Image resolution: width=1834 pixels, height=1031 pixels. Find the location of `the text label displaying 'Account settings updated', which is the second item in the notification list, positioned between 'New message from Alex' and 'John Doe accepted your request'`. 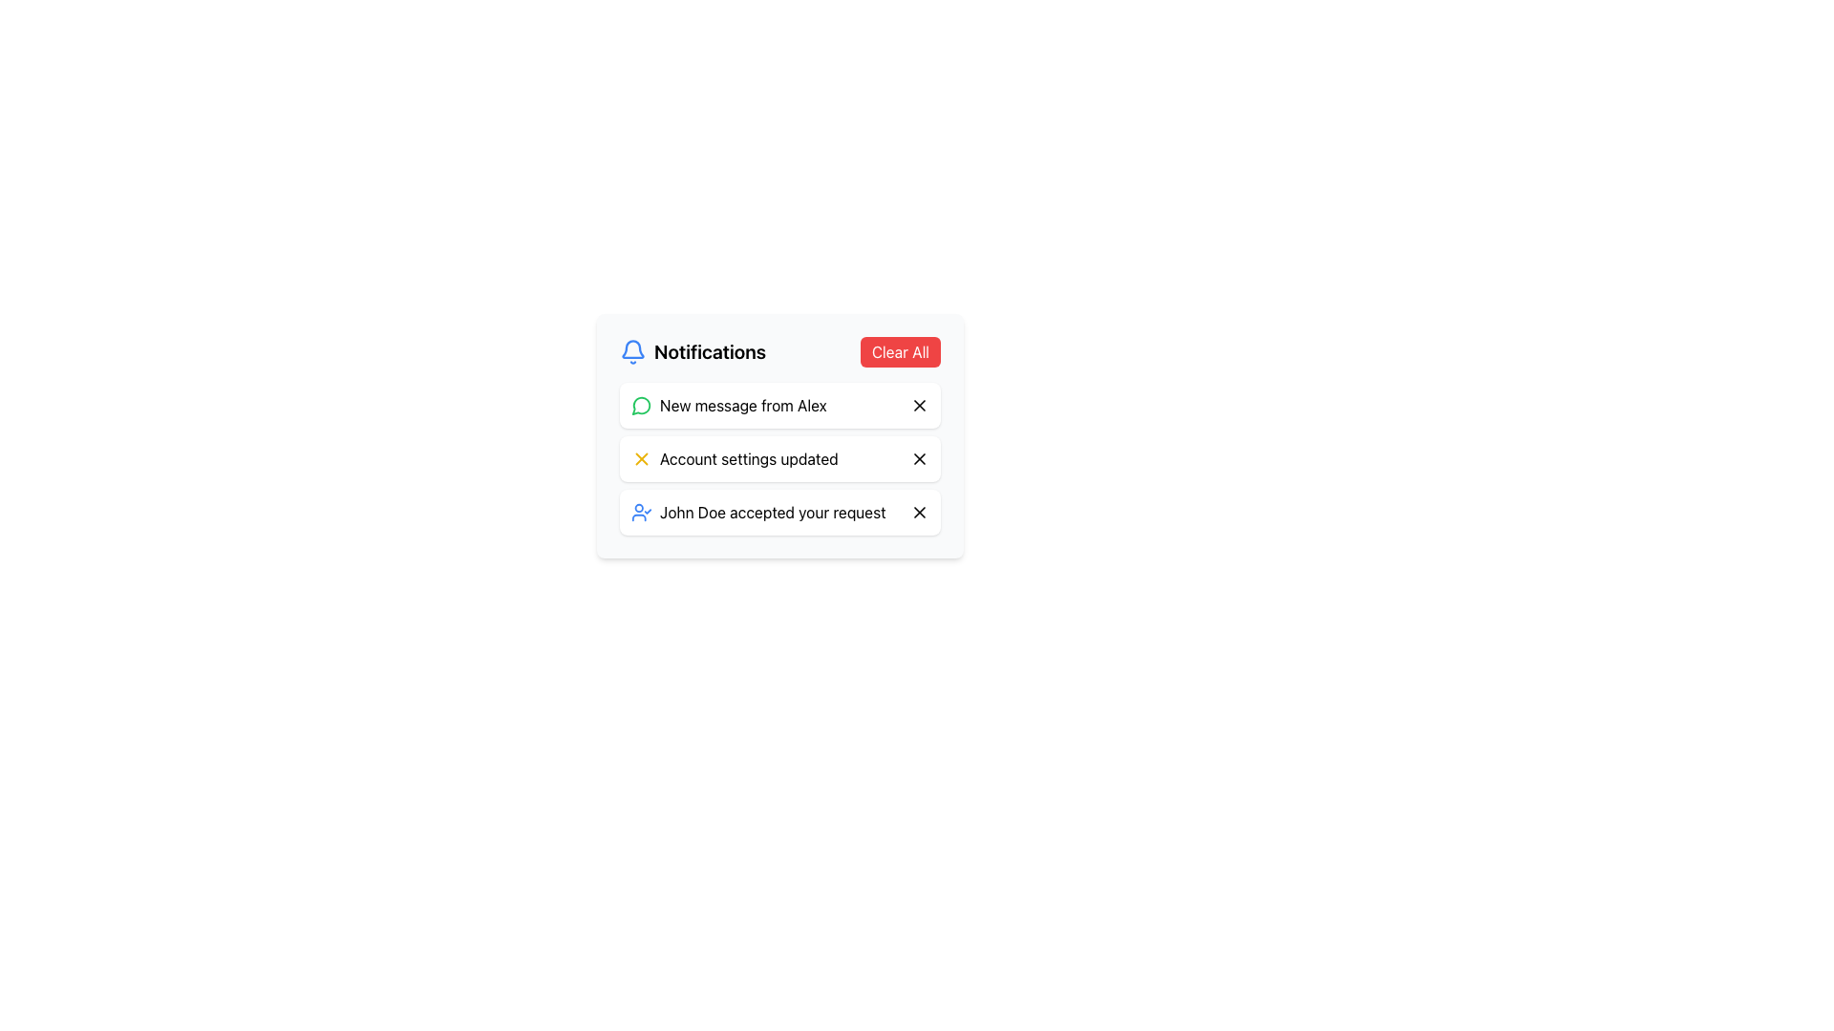

the text label displaying 'Account settings updated', which is the second item in the notification list, positioned between 'New message from Alex' and 'John Doe accepted your request' is located at coordinates (748, 459).